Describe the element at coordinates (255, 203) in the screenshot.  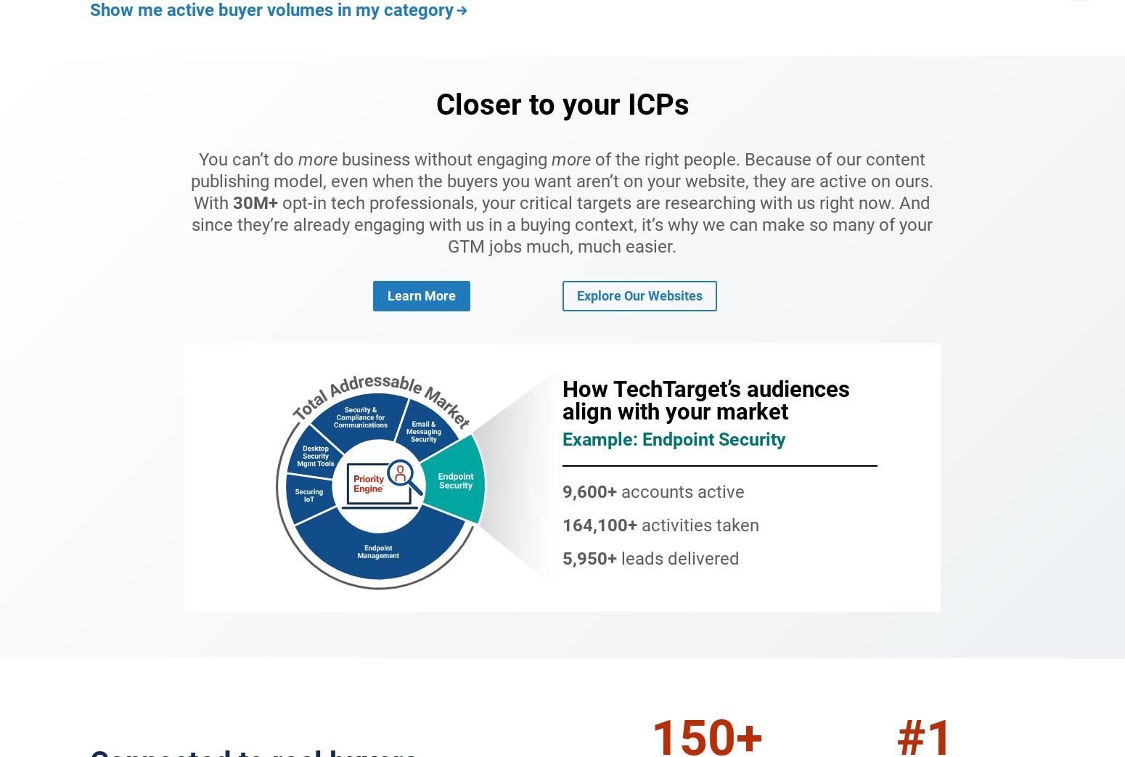
I see `'30M+'` at that location.